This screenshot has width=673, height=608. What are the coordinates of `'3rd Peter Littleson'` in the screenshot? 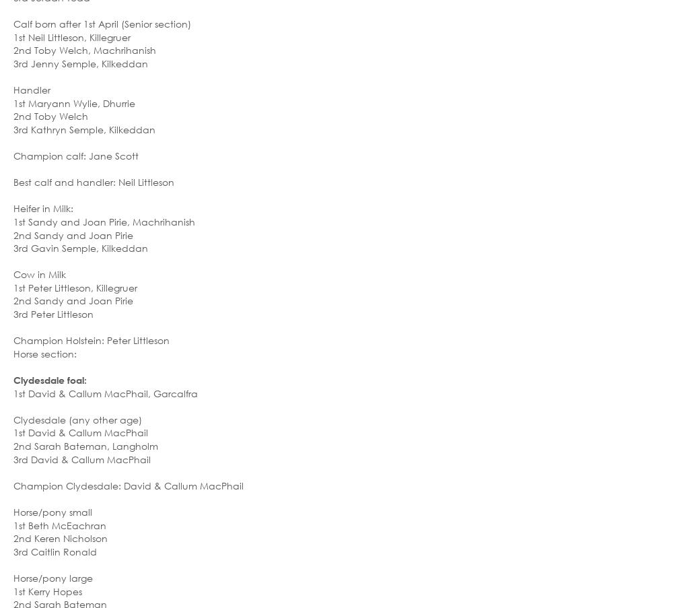 It's located at (52, 314).